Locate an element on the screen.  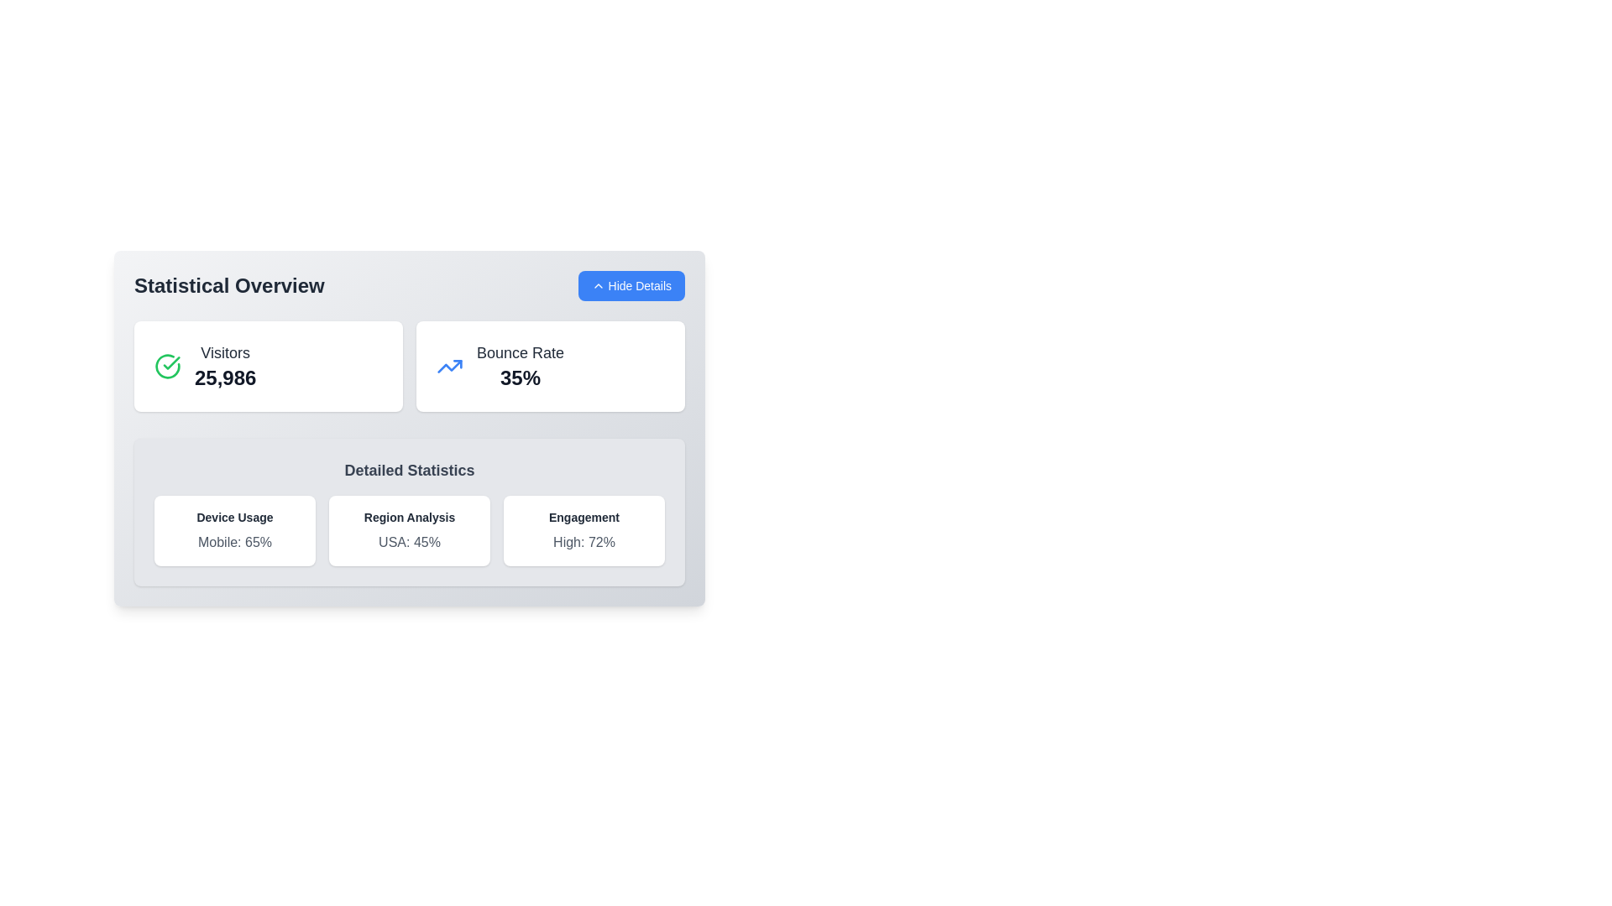
the text label displaying 'High: 72%' which is positioned below the 'Engagement' label within the 'Engagement' card is located at coordinates (584, 543).